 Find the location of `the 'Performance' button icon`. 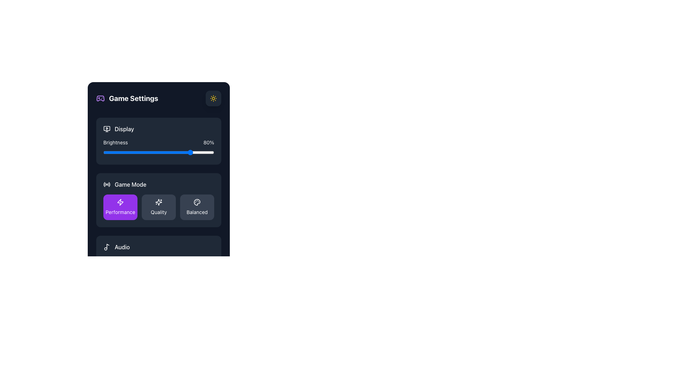

the 'Performance' button icon is located at coordinates (120, 202).